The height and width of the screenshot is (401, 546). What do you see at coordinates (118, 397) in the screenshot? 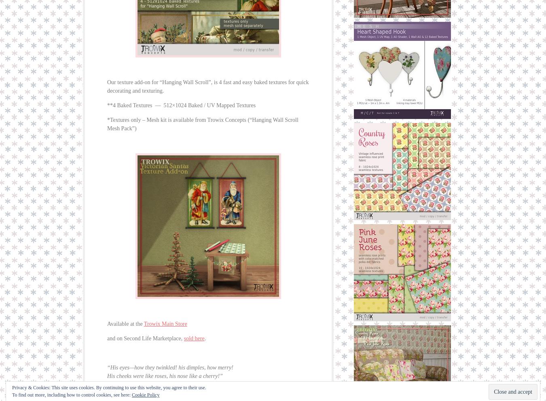
I see `'Share this:'` at bounding box center [118, 397].